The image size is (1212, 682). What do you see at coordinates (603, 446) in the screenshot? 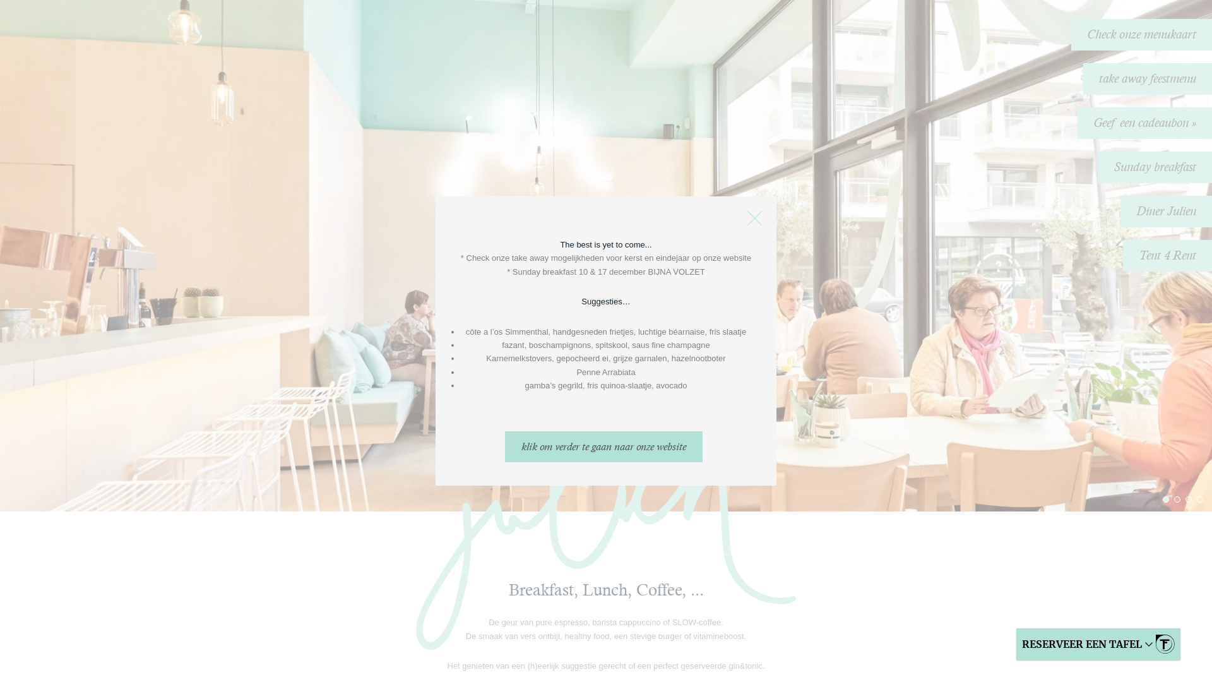
I see `'klik om verder te gaan naar onze website'` at bounding box center [603, 446].